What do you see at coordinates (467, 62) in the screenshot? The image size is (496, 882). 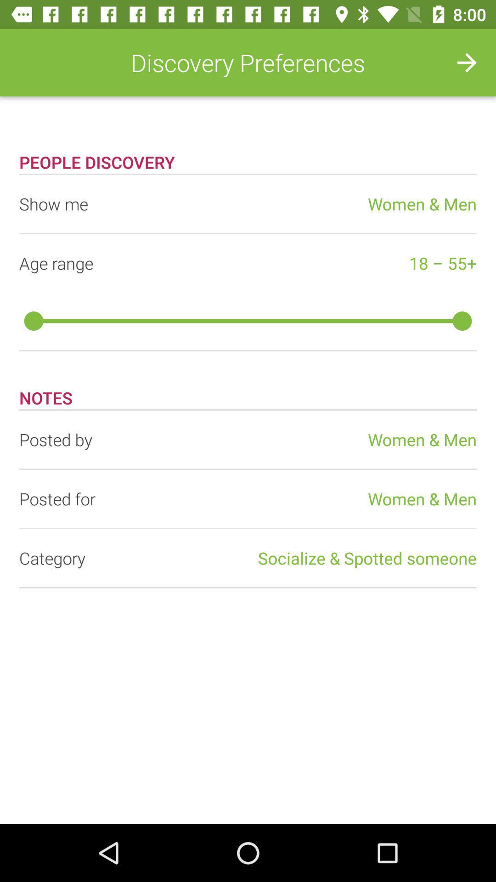 I see `the icon to the right of the discovery preferences` at bounding box center [467, 62].